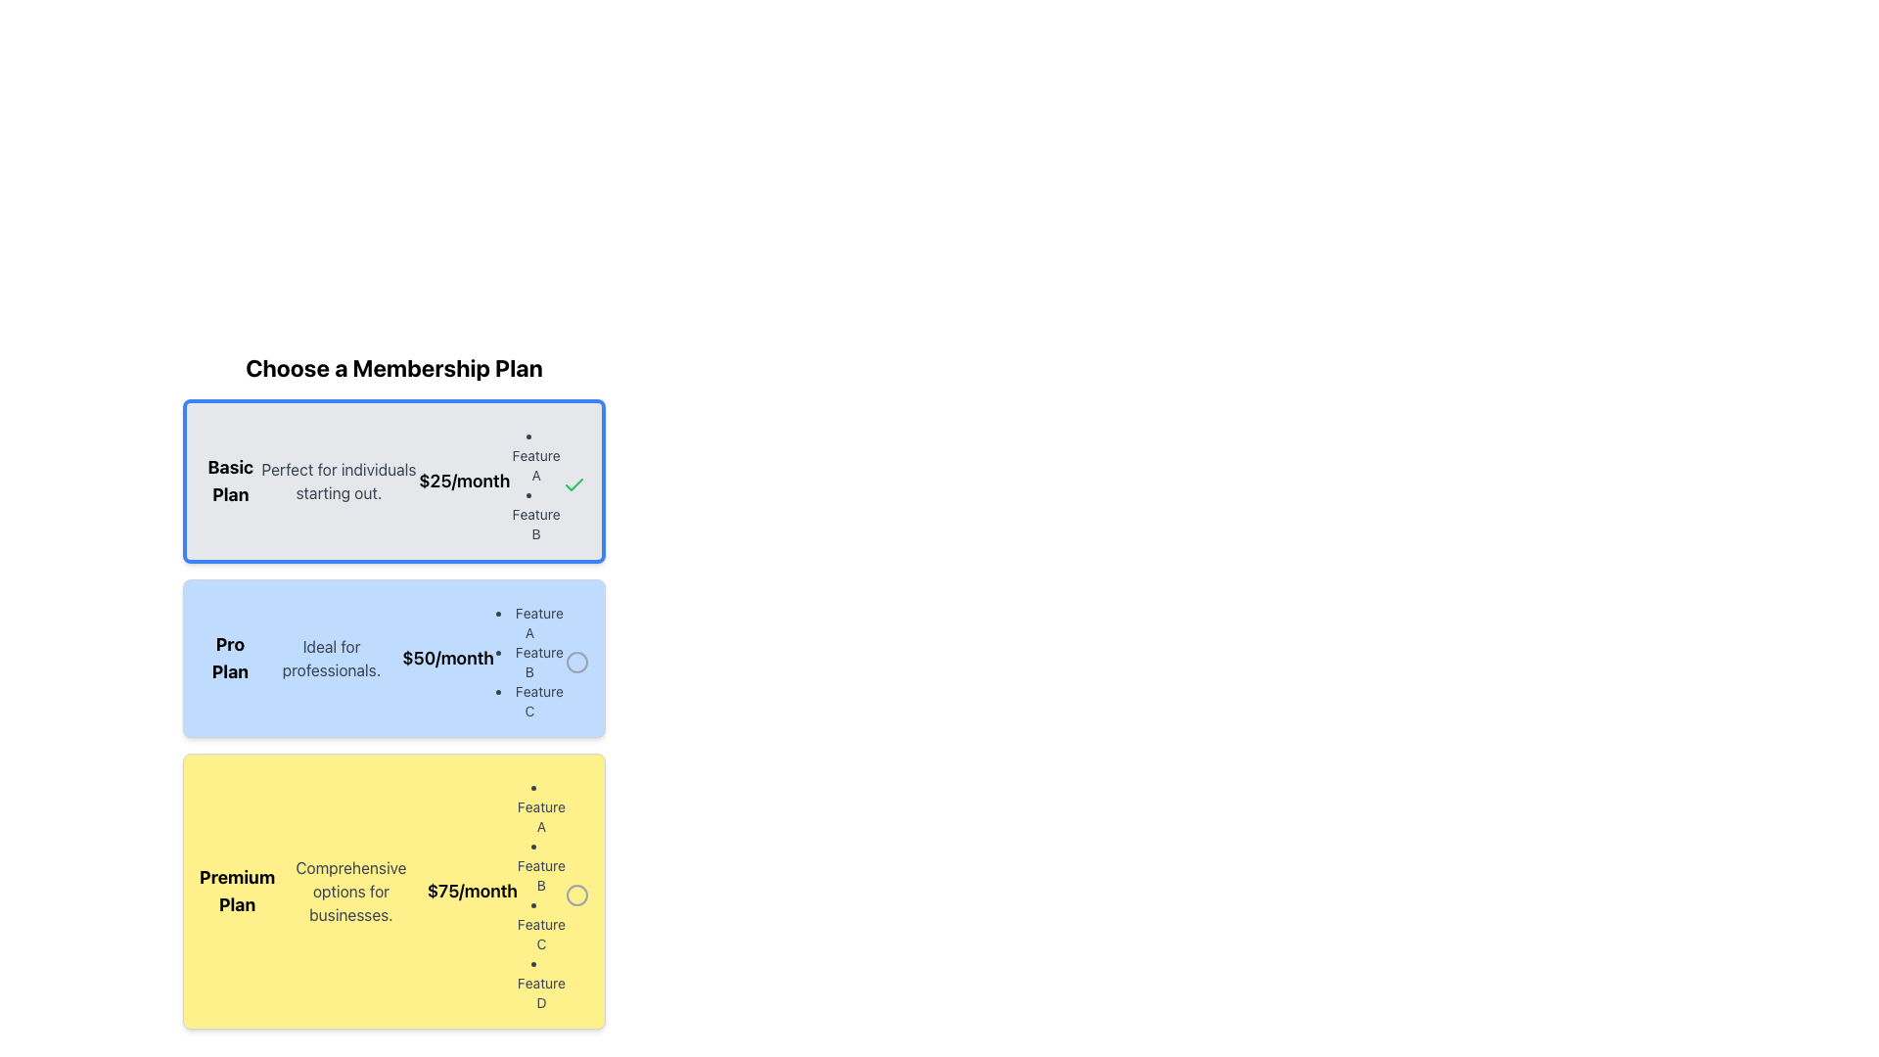 The width and height of the screenshot is (1879, 1057). I want to click on pricing information from the Text Label located in the 'Premium Plan' section, positioned below the subtitle 'Comprehensive options for businesses.', so click(472, 891).